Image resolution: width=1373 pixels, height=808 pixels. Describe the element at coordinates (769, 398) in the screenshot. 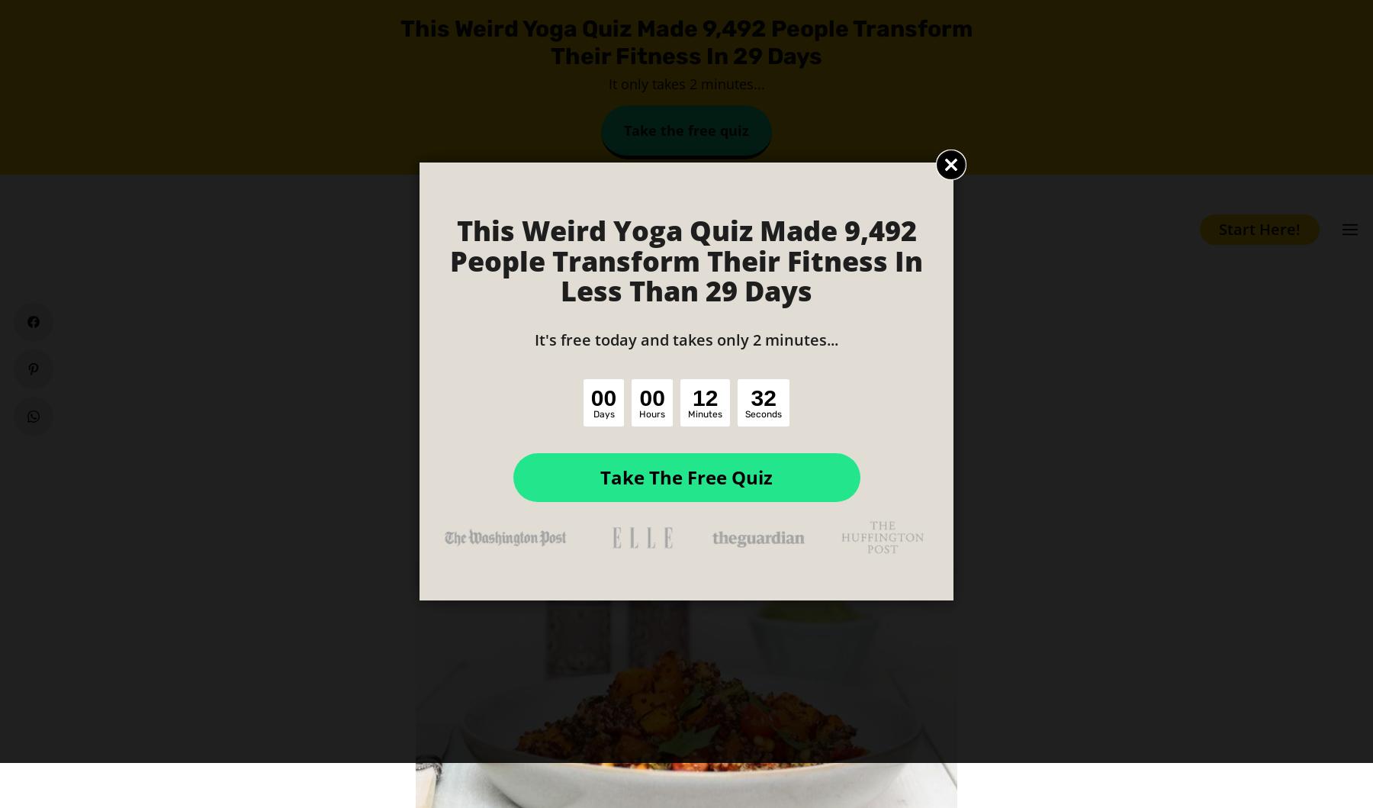

I see `'9'` at that location.